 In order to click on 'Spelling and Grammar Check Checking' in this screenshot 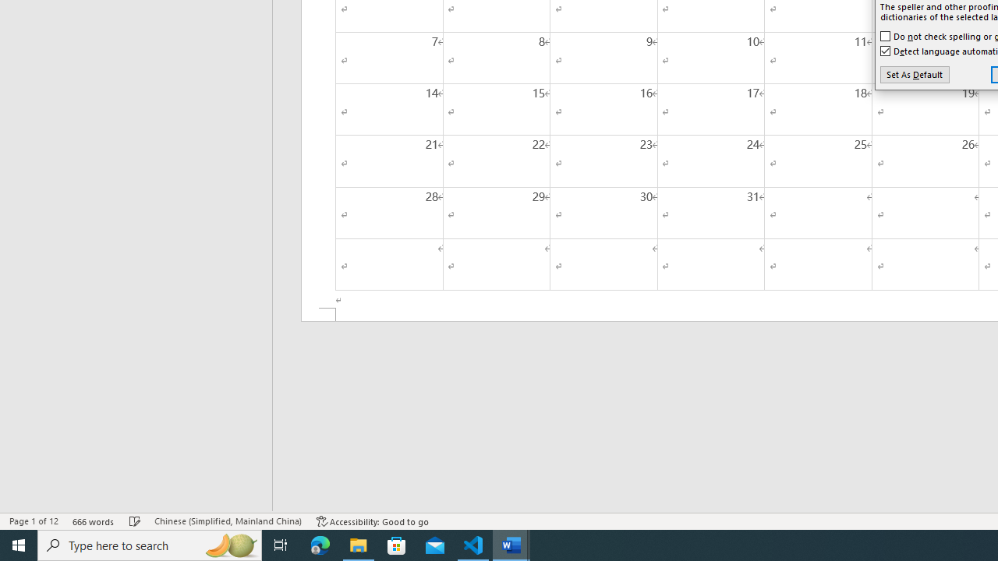, I will do `click(135, 521)`.